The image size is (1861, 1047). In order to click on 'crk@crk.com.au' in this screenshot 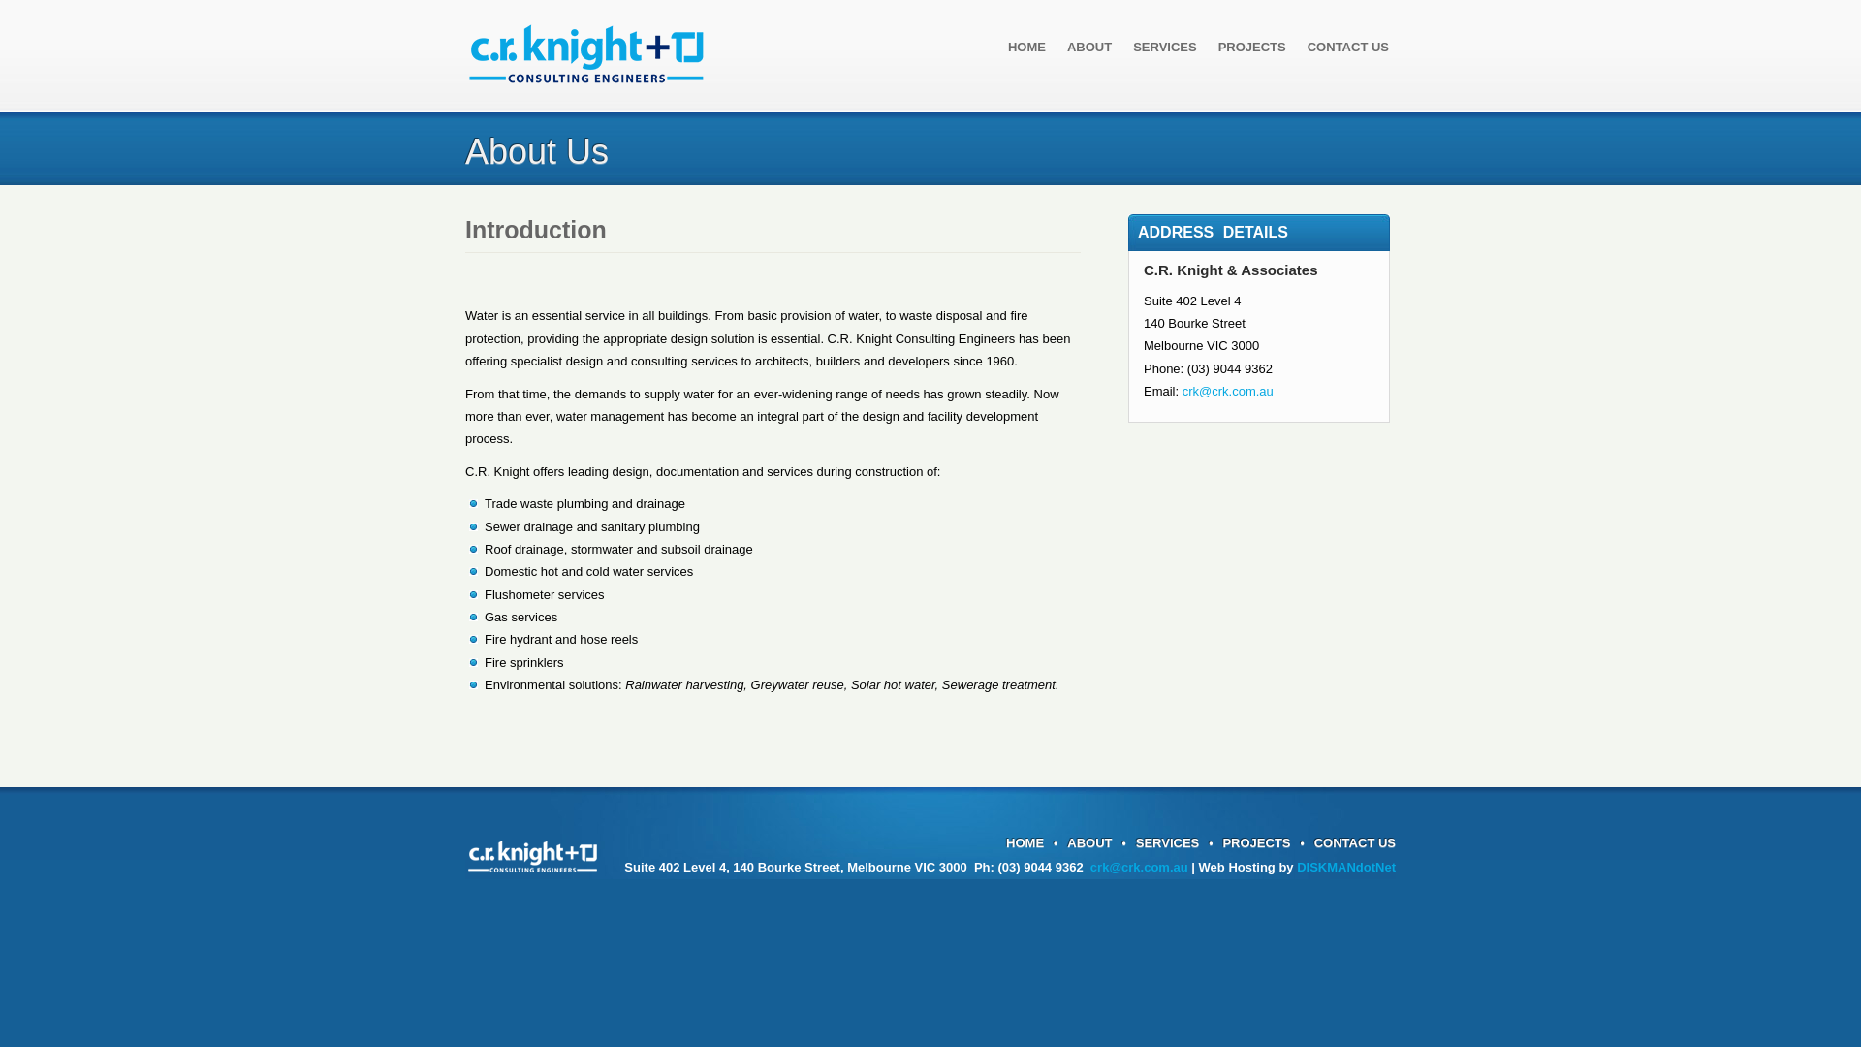, I will do `click(1227, 391)`.